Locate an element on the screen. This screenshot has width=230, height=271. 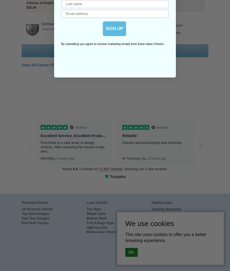
'Privacy Policy' is located at coordinates (162, 241).